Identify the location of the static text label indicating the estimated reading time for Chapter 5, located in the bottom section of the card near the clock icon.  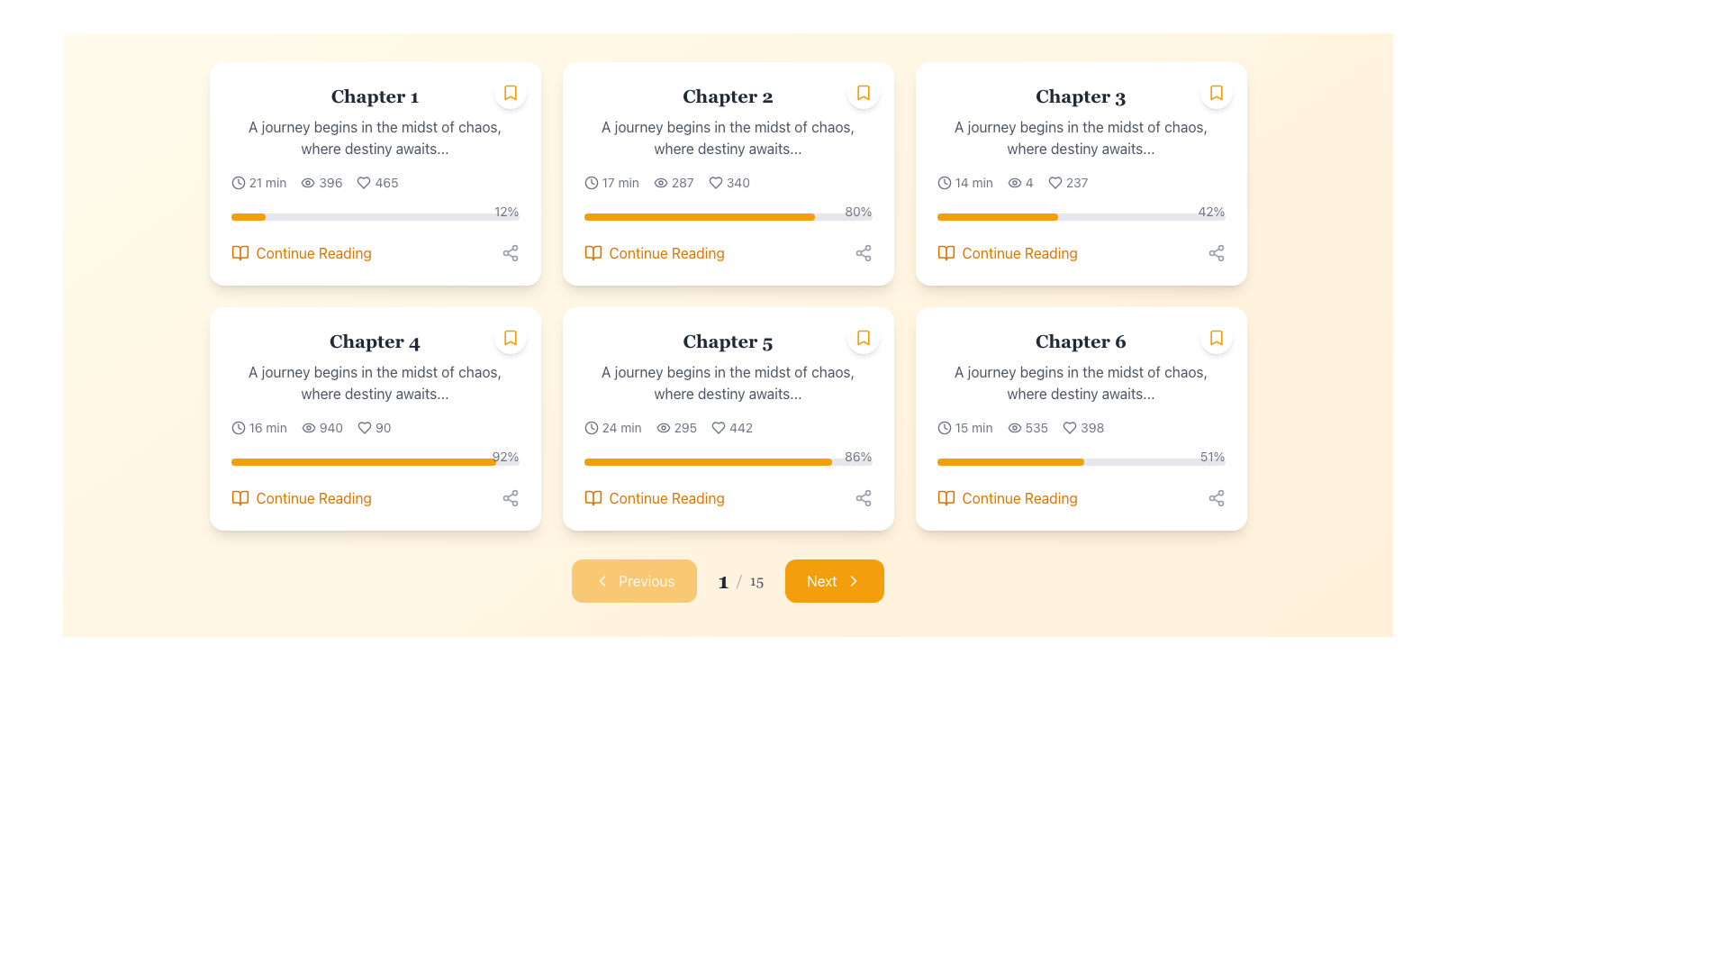
(621, 427).